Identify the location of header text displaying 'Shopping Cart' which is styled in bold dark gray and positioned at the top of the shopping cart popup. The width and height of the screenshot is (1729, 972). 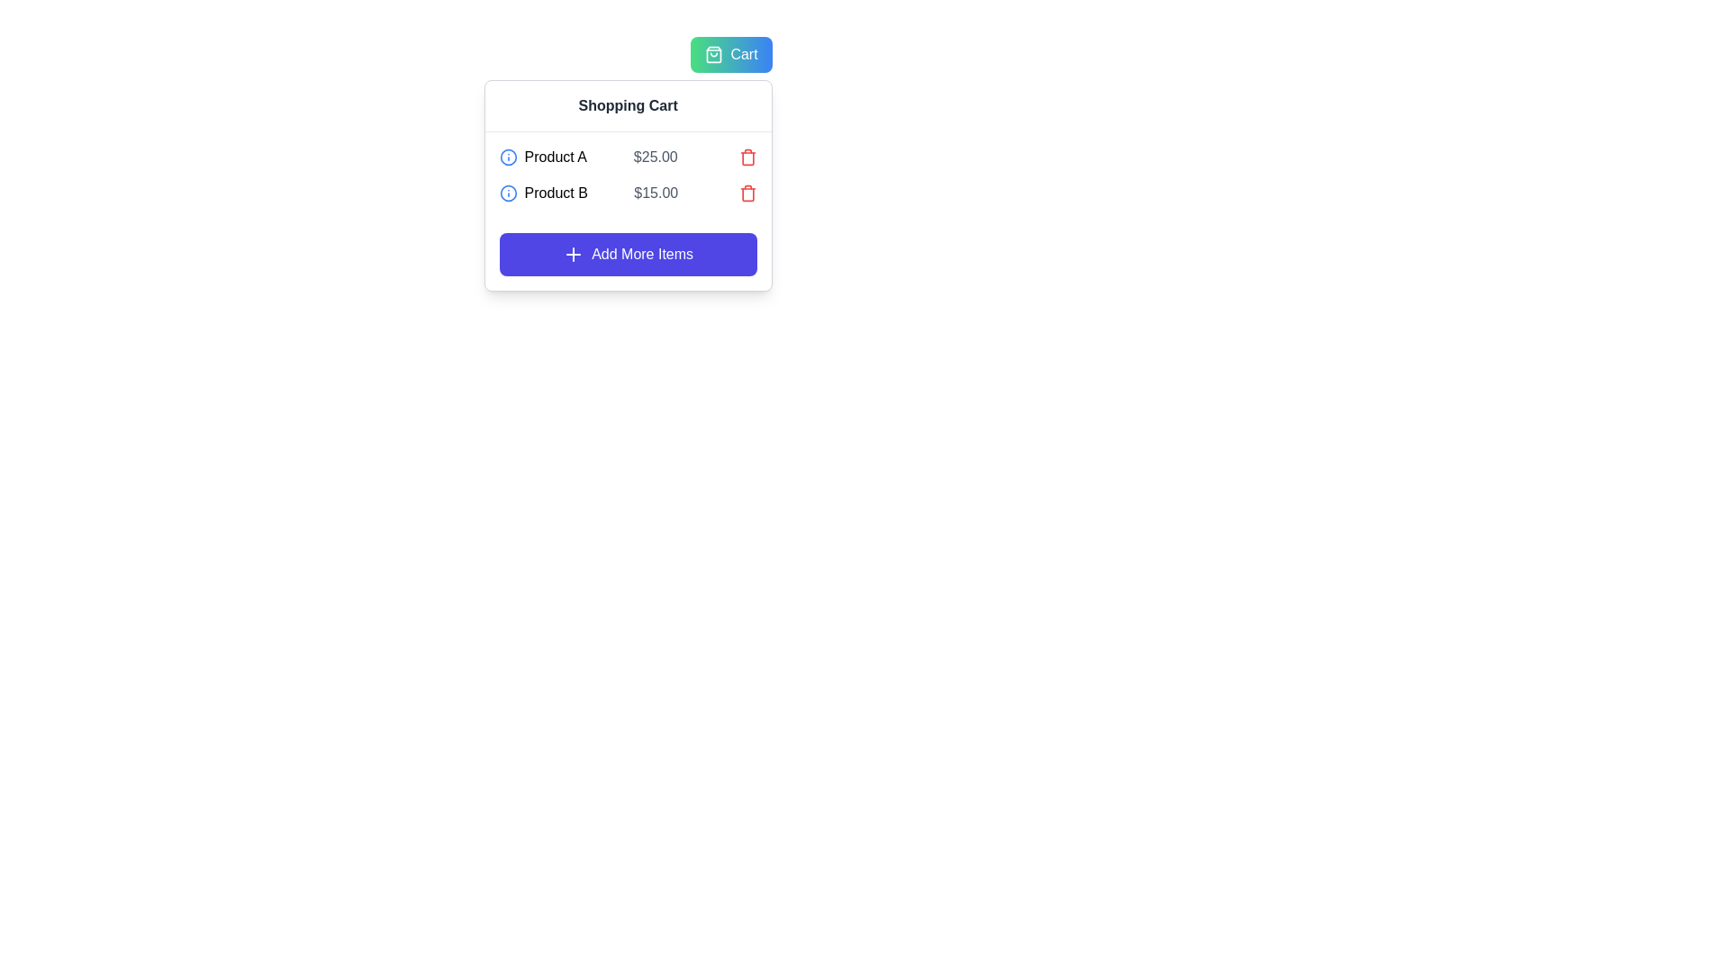
(628, 106).